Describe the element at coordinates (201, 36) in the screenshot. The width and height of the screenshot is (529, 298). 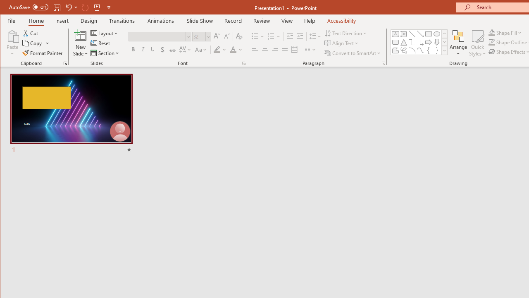
I see `'Font Size'` at that location.